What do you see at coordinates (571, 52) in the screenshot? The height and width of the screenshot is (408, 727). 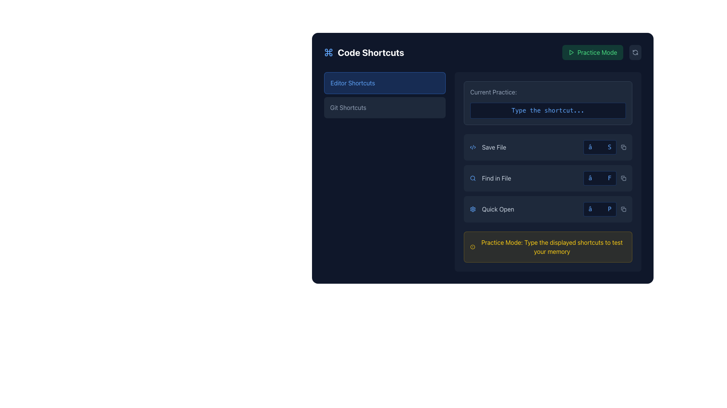 I see `the SVG-based play icon that indicates the 'Practice Mode' feature, positioned to the left of the 'Practice Mode' button text` at bounding box center [571, 52].